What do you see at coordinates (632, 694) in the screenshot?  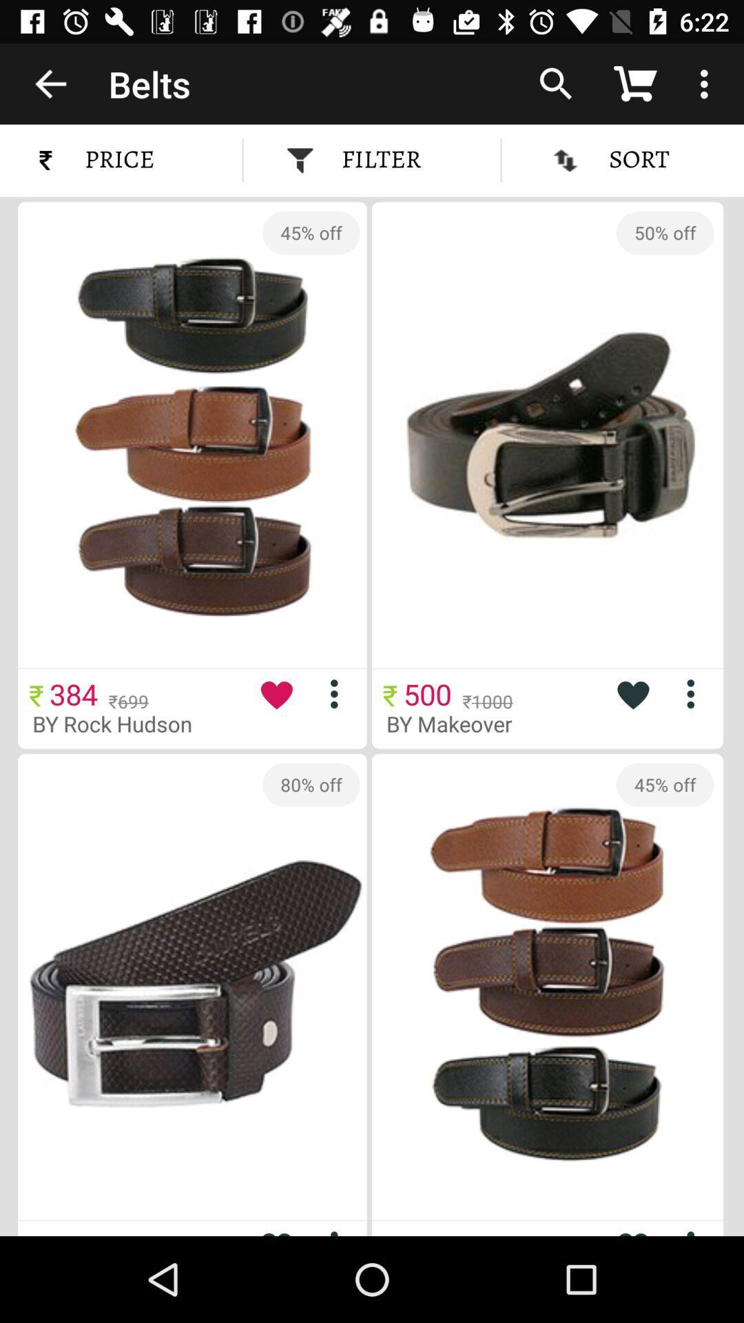 I see `hreat` at bounding box center [632, 694].